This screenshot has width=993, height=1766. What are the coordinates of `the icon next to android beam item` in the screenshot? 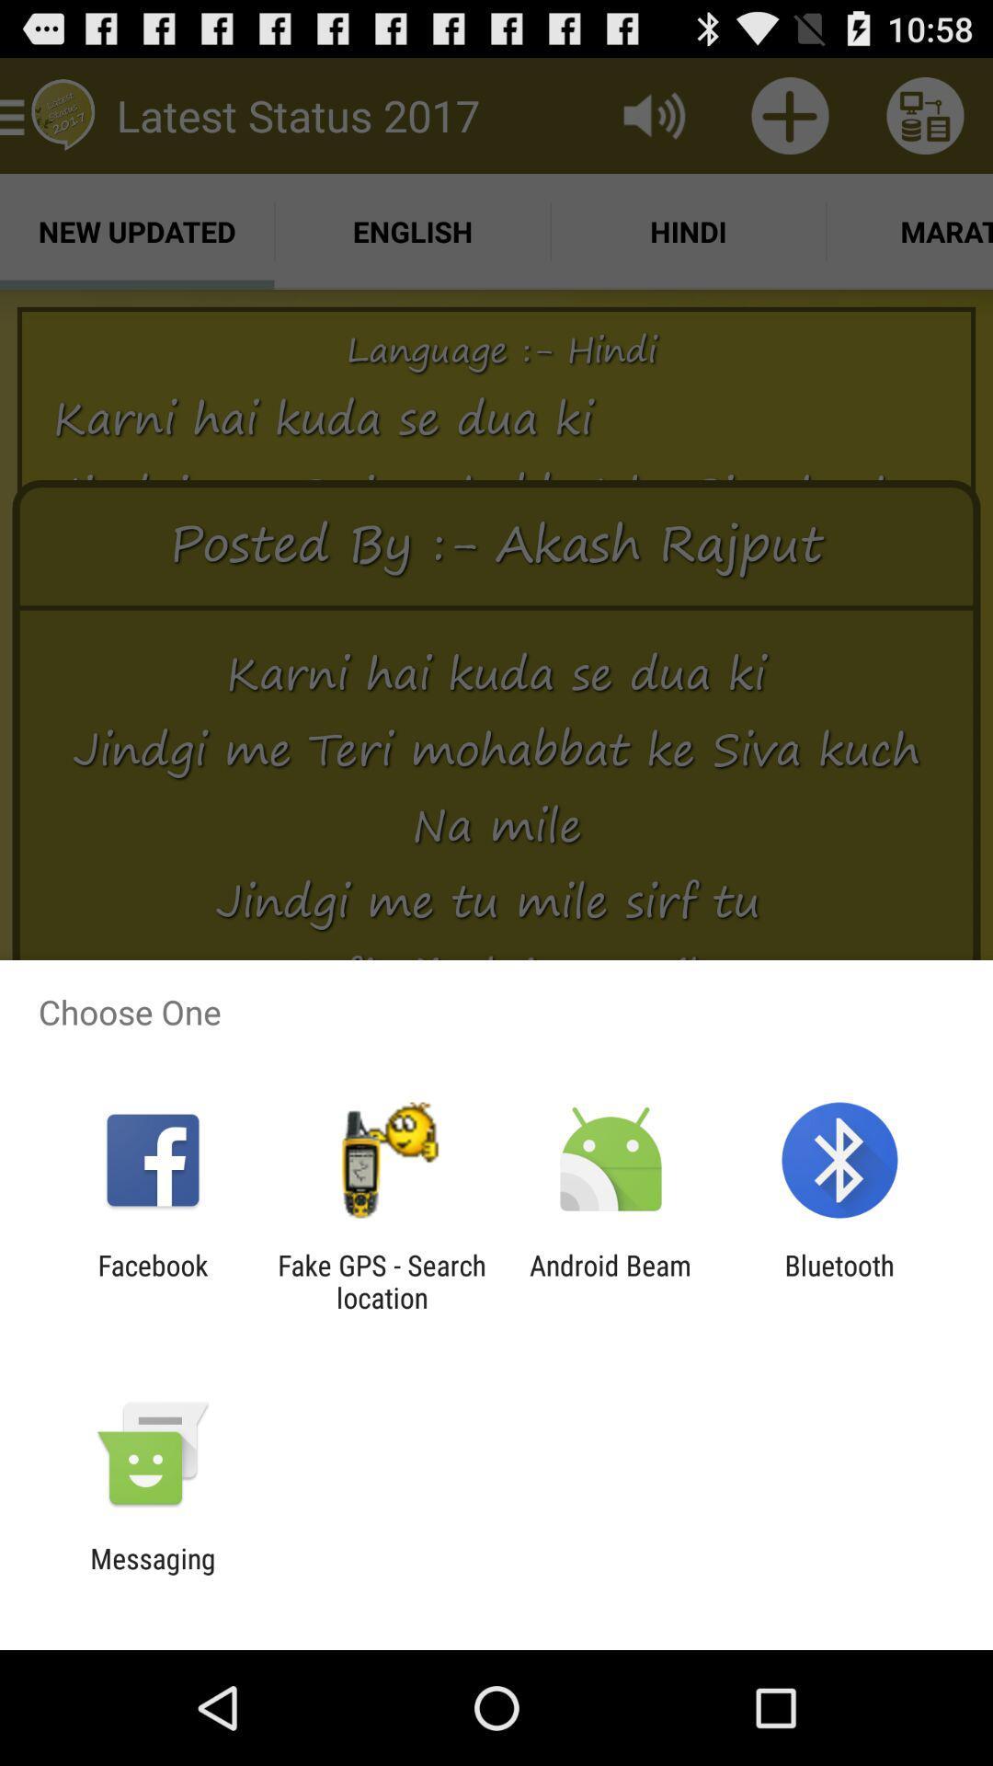 It's located at (381, 1280).